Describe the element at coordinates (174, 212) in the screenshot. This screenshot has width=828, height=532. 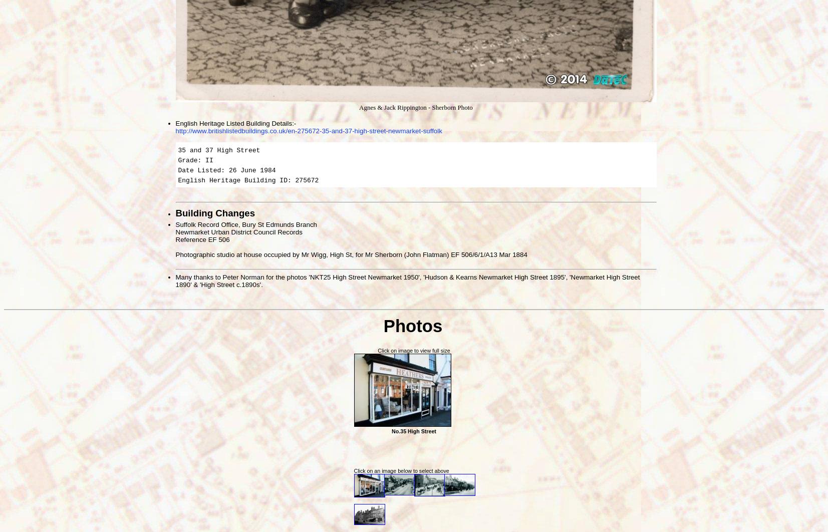
I see `'Building Changes'` at that location.